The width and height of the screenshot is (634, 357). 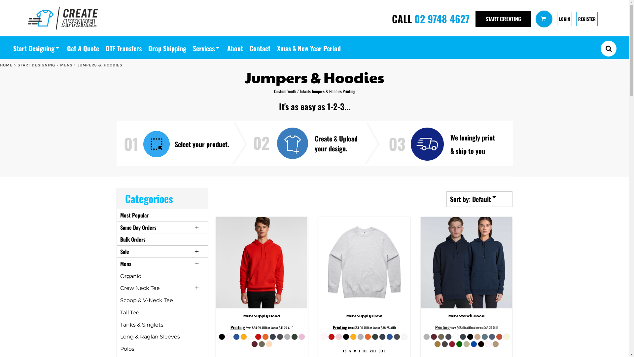 I want to click on 'LOGIN', so click(x=564, y=19).